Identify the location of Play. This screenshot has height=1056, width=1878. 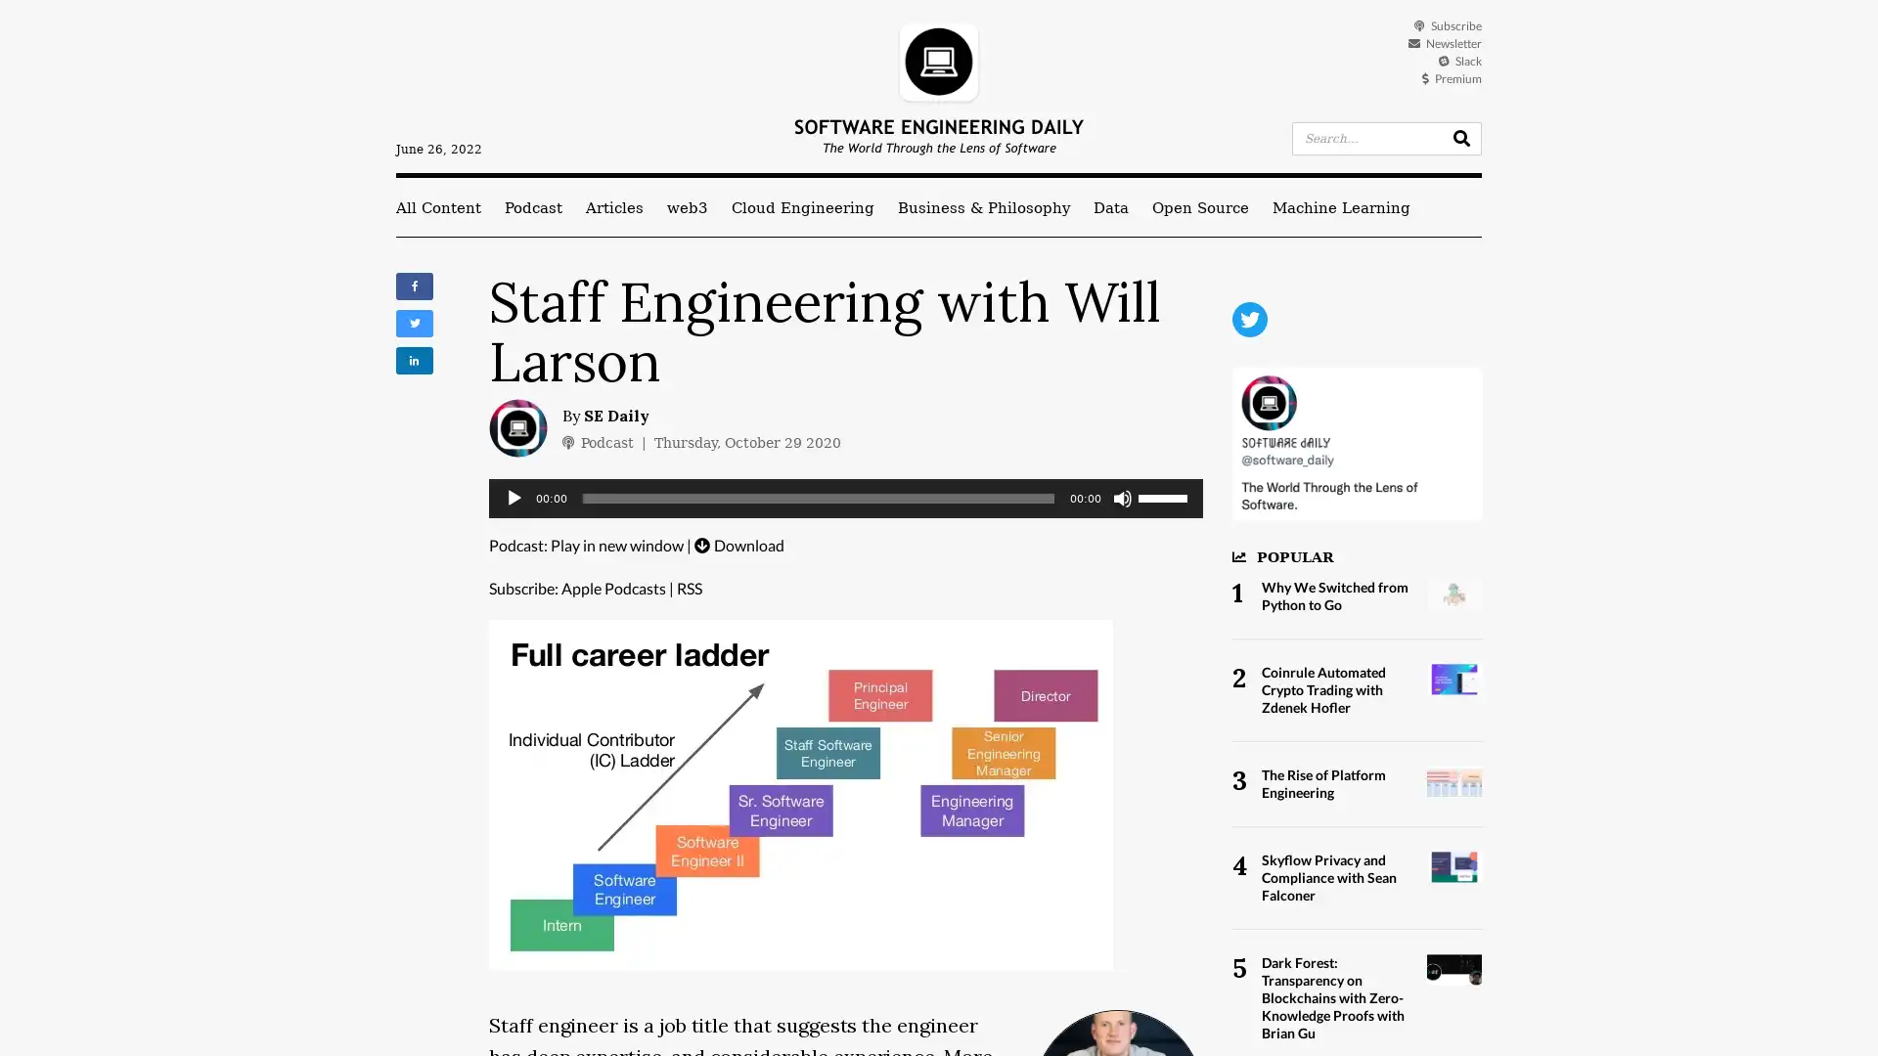
(513, 497).